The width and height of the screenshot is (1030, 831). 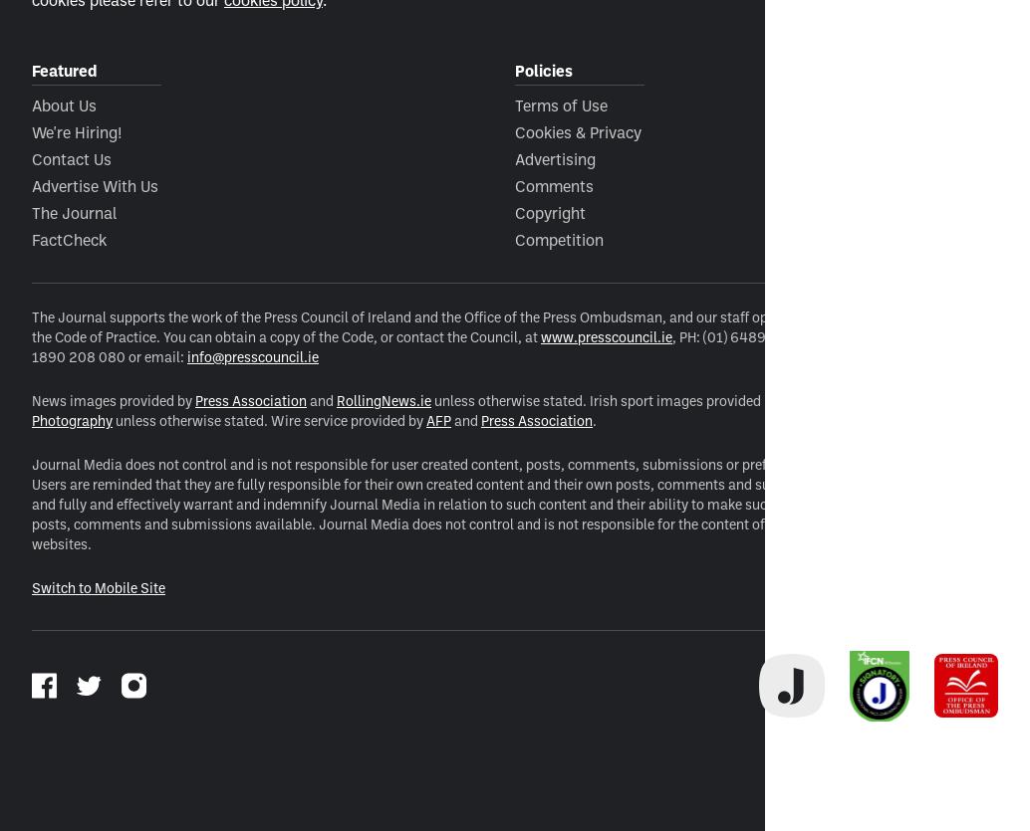 What do you see at coordinates (31, 586) in the screenshot?
I see `'Switch to Mobile Site'` at bounding box center [31, 586].